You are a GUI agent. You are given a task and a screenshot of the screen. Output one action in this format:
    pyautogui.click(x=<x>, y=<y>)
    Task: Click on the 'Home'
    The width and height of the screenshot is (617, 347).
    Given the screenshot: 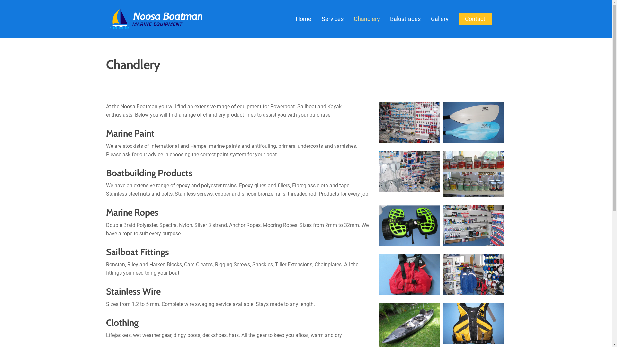 What is the action you would take?
    pyautogui.click(x=303, y=18)
    